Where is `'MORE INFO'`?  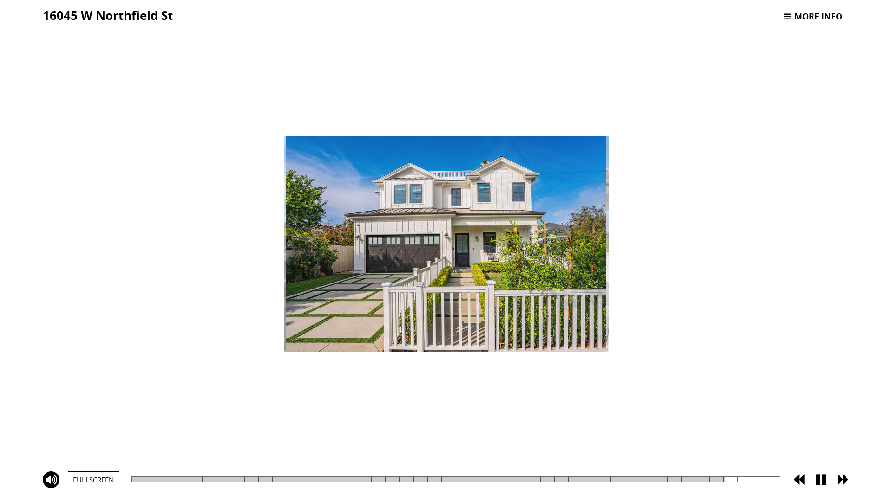 'MORE INFO' is located at coordinates (813, 16).